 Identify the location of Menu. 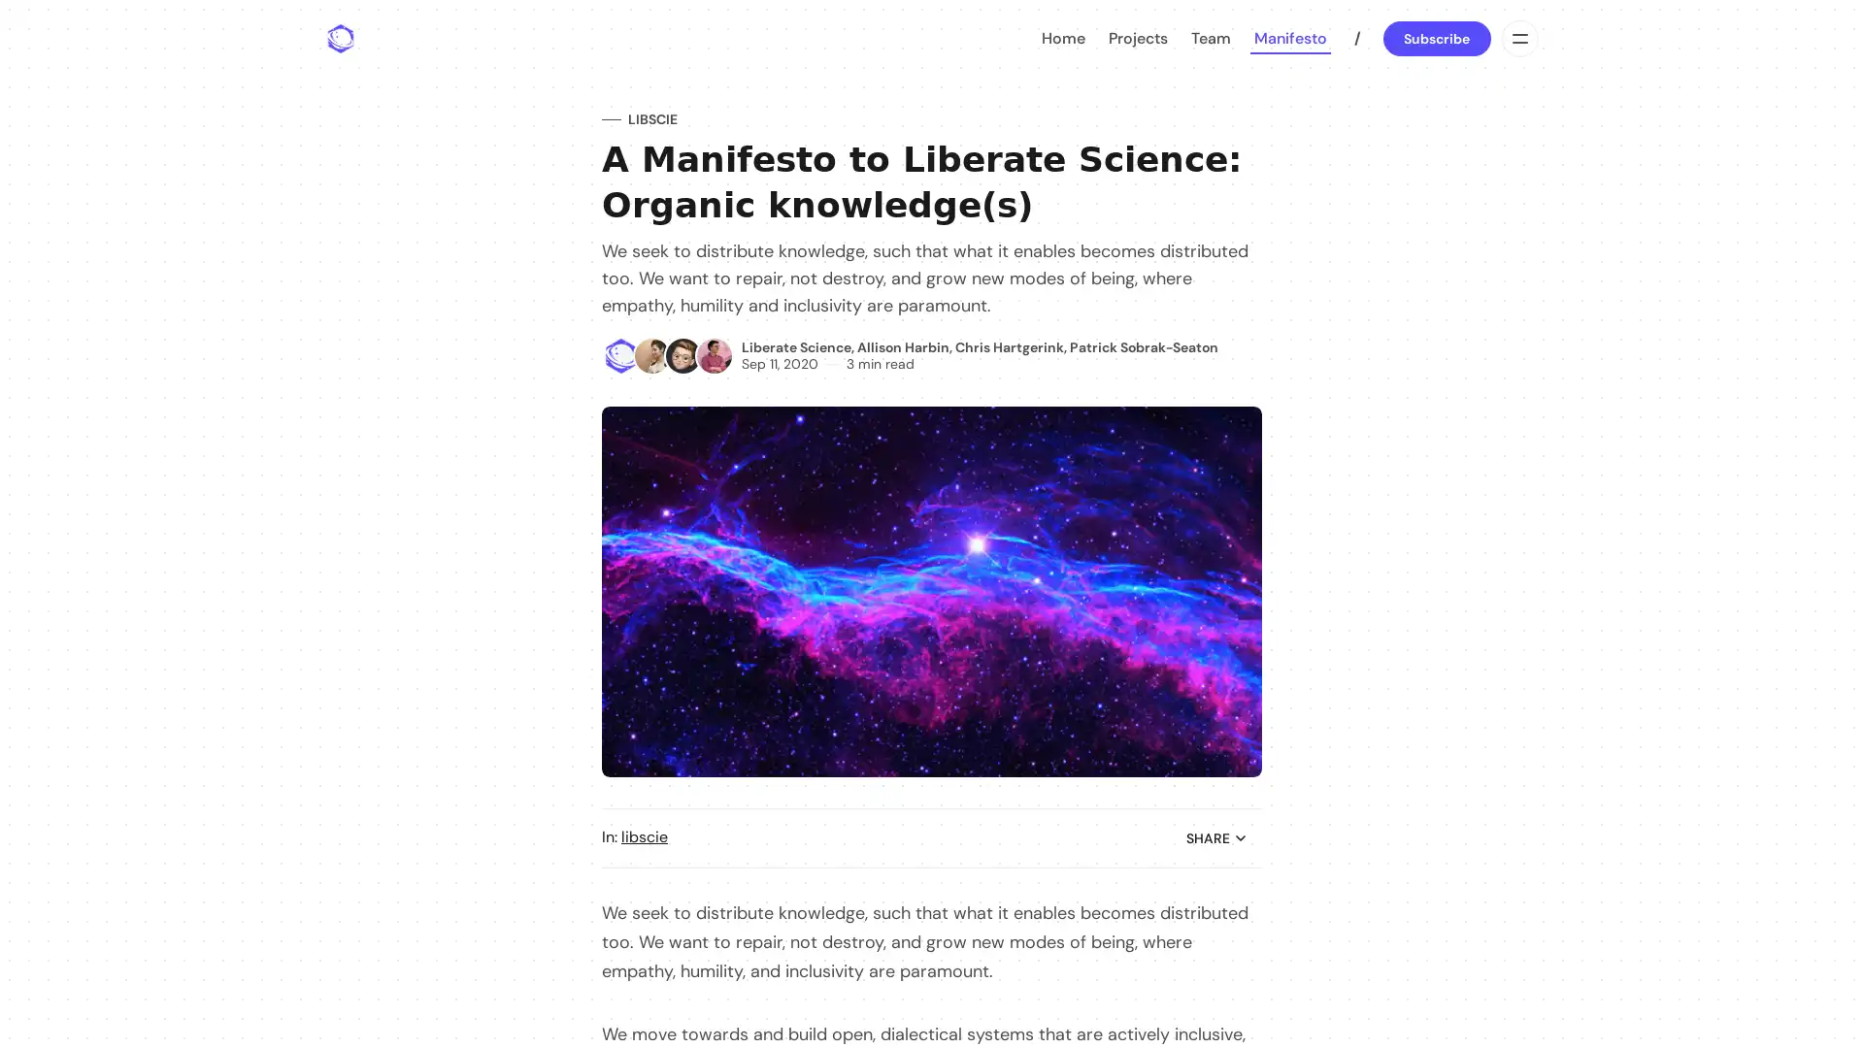
(1517, 38).